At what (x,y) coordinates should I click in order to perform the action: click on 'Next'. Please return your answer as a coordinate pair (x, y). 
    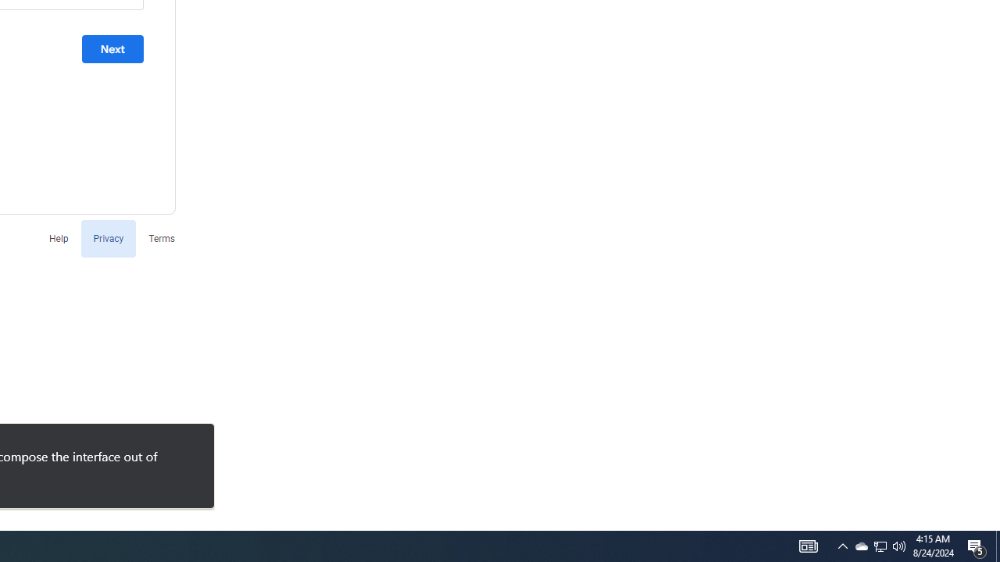
    Looking at the image, I should click on (112, 48).